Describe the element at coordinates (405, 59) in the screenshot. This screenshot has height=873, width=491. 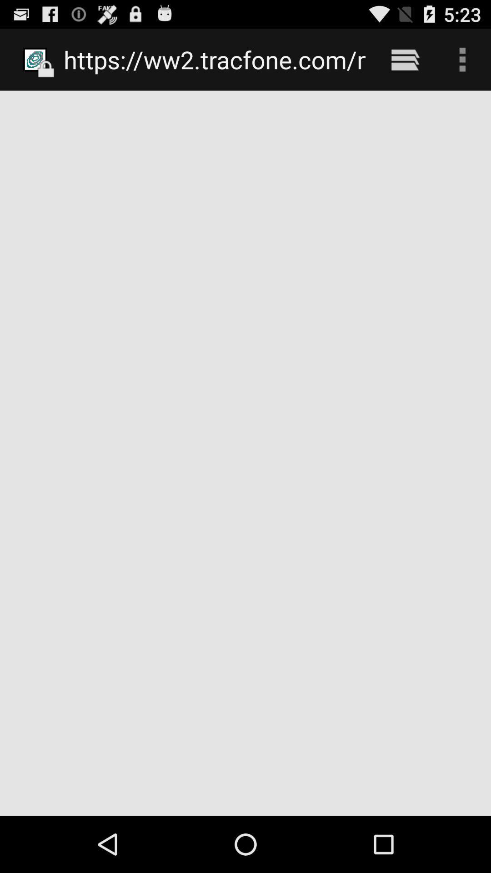
I see `icon to the right of the https ww2 tracfone icon` at that location.